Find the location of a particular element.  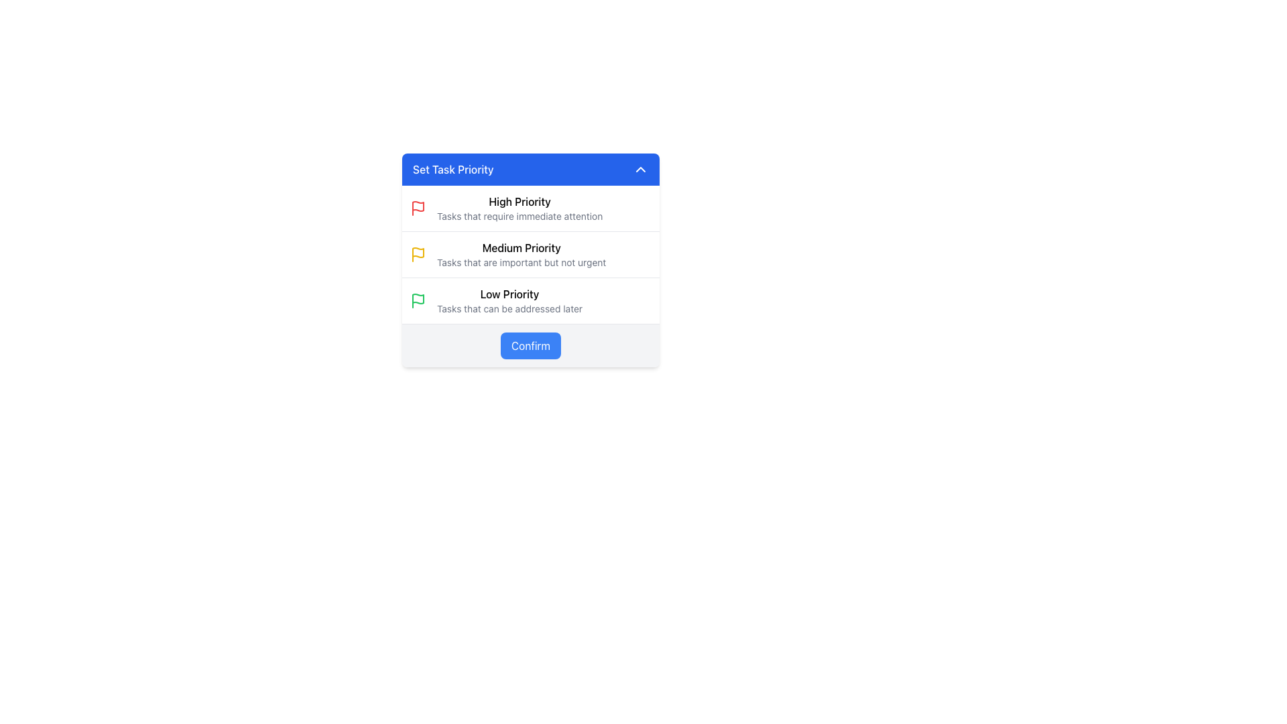

text label that displays 'Tasks that are important but not urgent', which is located below the 'Medium Priority' heading in the priority-selection interface is located at coordinates (521, 263).